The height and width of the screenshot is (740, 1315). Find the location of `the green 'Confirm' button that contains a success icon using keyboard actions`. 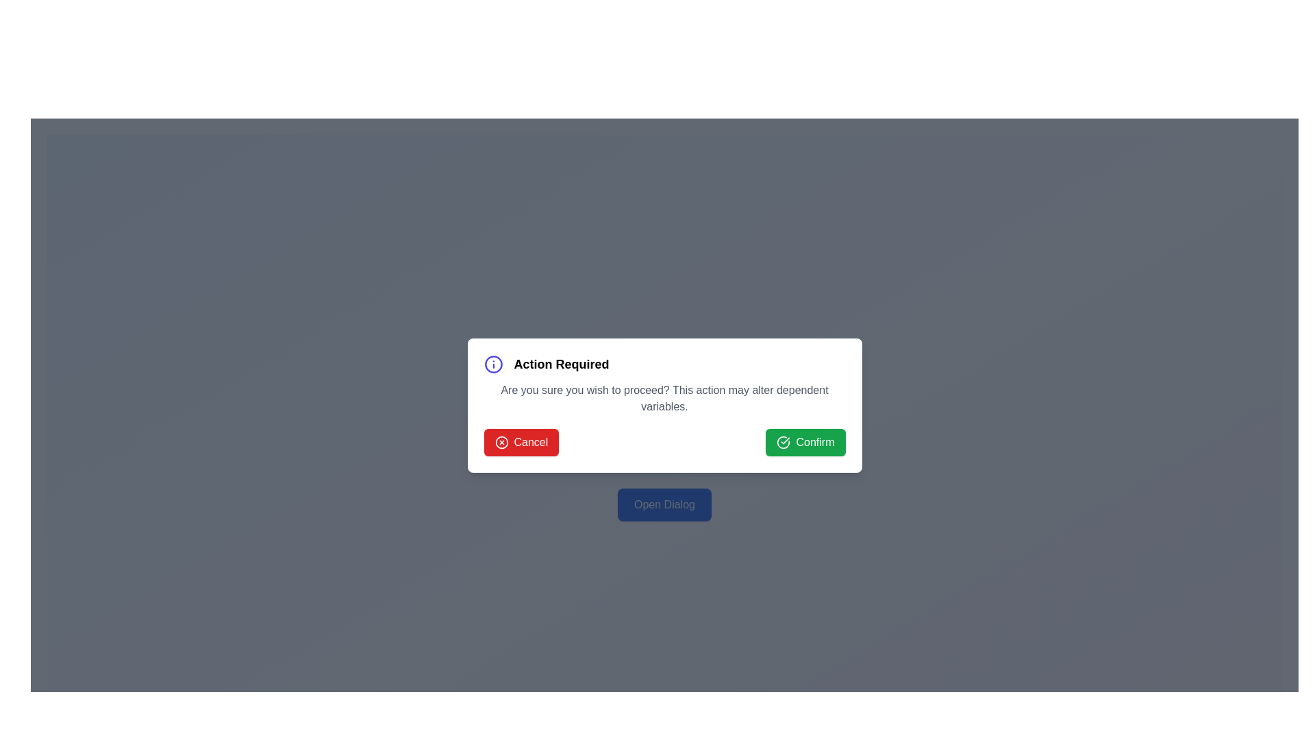

the green 'Confirm' button that contains a success icon using keyboard actions is located at coordinates (784, 442).